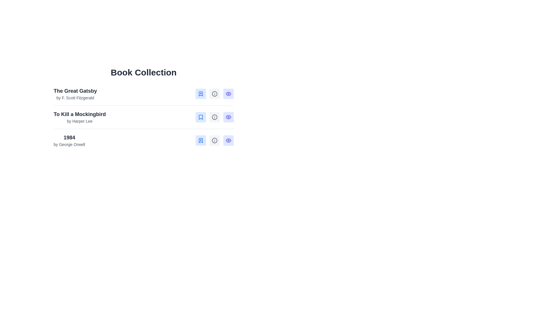 The width and height of the screenshot is (554, 311). I want to click on the visibility icon (eye) located in the third row of the book collection table, associated with the book '1984' by George Orwell, so click(228, 94).